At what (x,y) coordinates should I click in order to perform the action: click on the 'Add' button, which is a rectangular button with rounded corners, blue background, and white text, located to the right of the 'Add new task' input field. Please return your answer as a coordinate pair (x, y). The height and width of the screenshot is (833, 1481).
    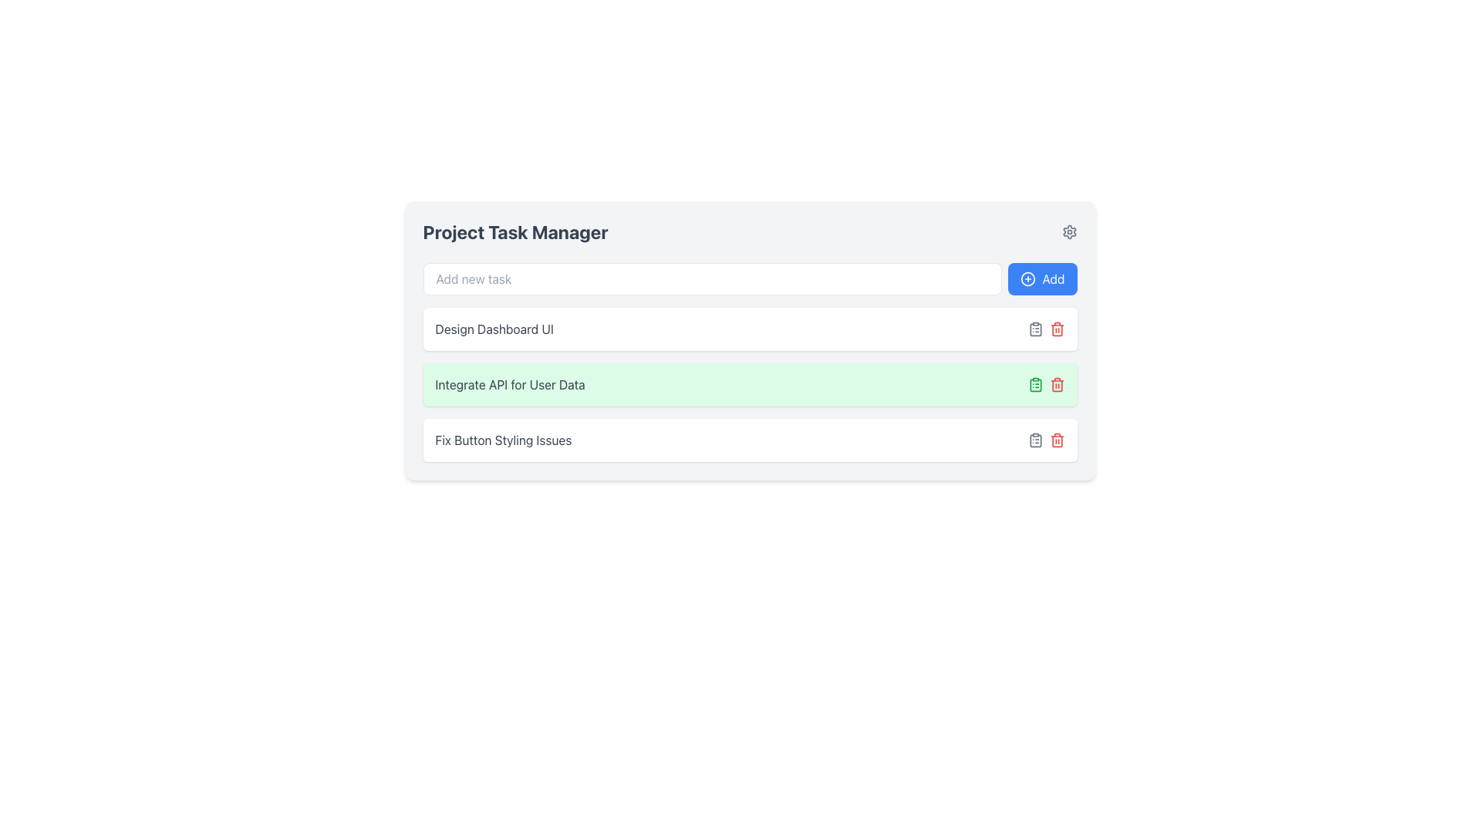
    Looking at the image, I should click on (1043, 279).